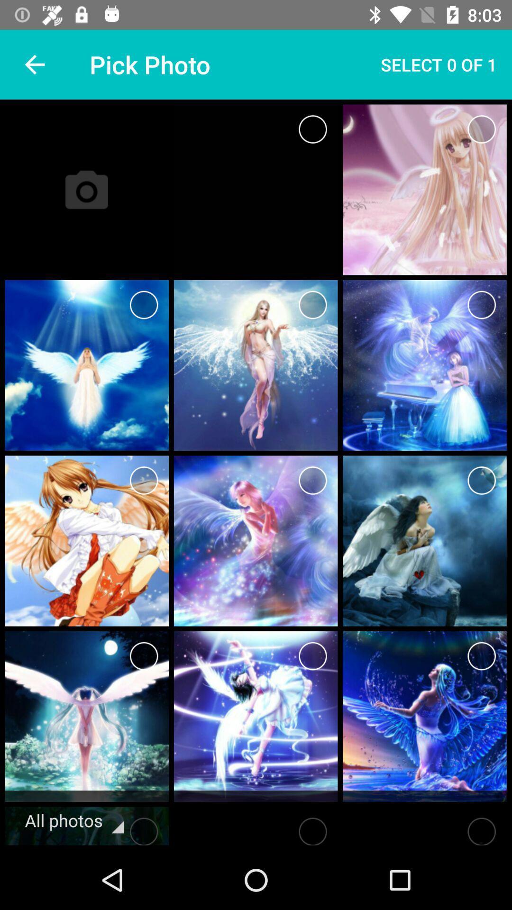  Describe the element at coordinates (256, 190) in the screenshot. I see `the image on the right next to camera icon on the web page` at that location.